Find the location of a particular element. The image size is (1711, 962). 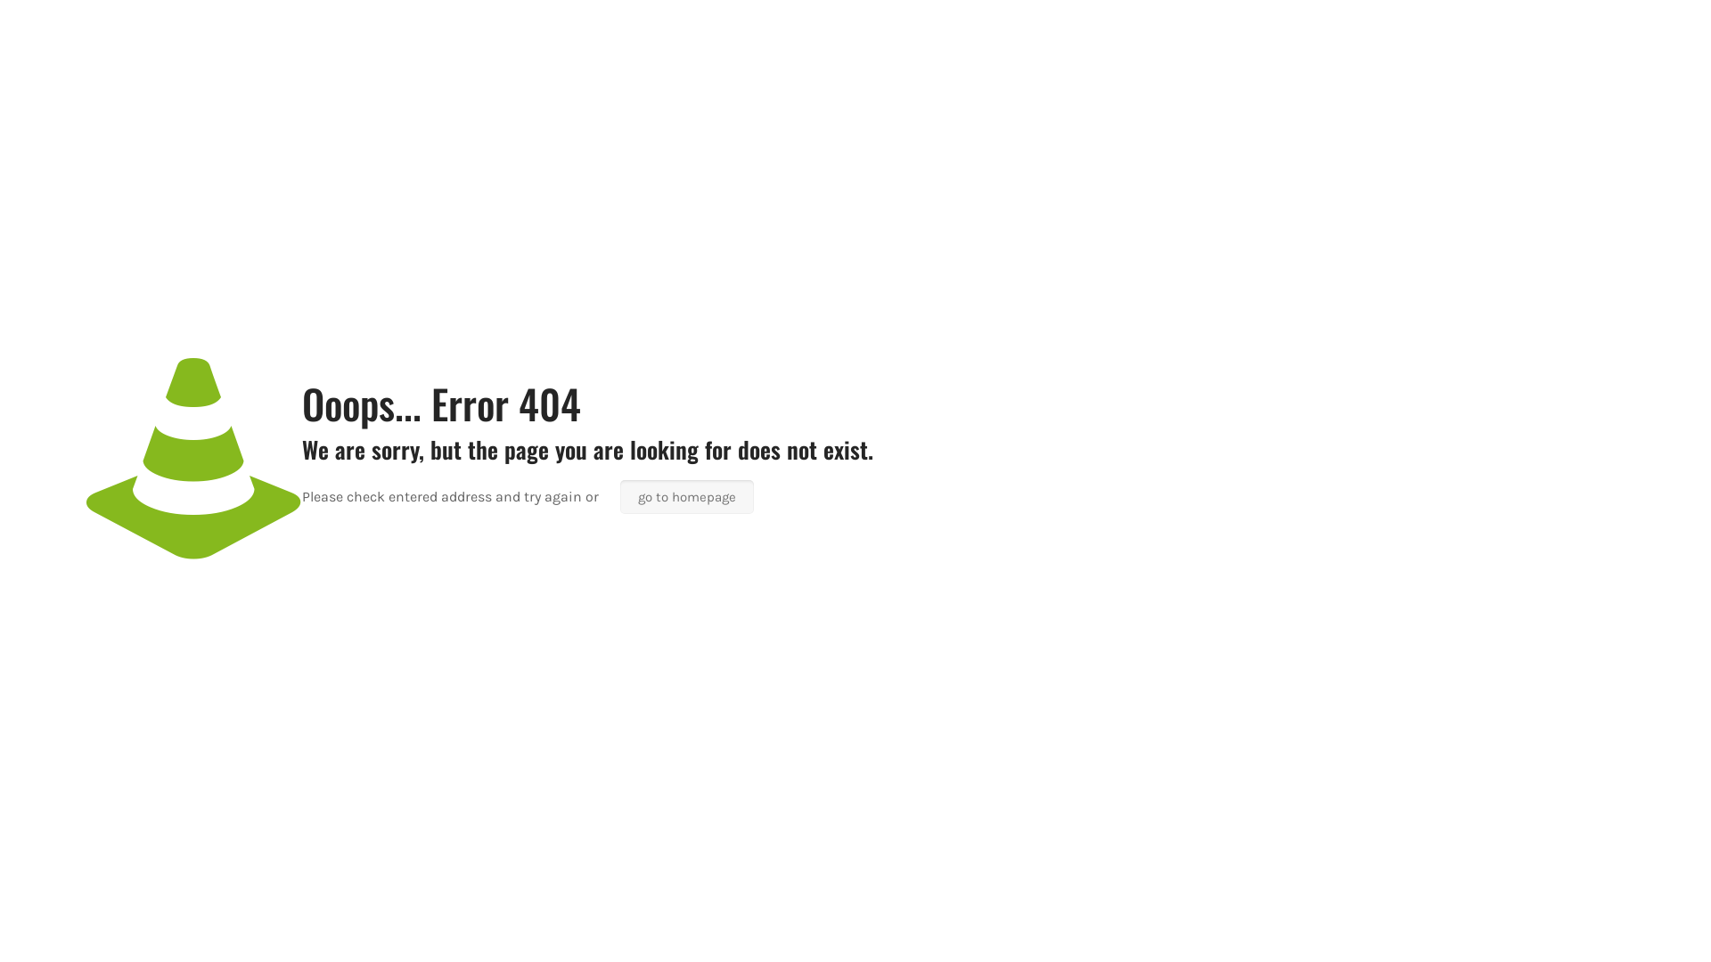

'go to homepage' is located at coordinates (686, 497).